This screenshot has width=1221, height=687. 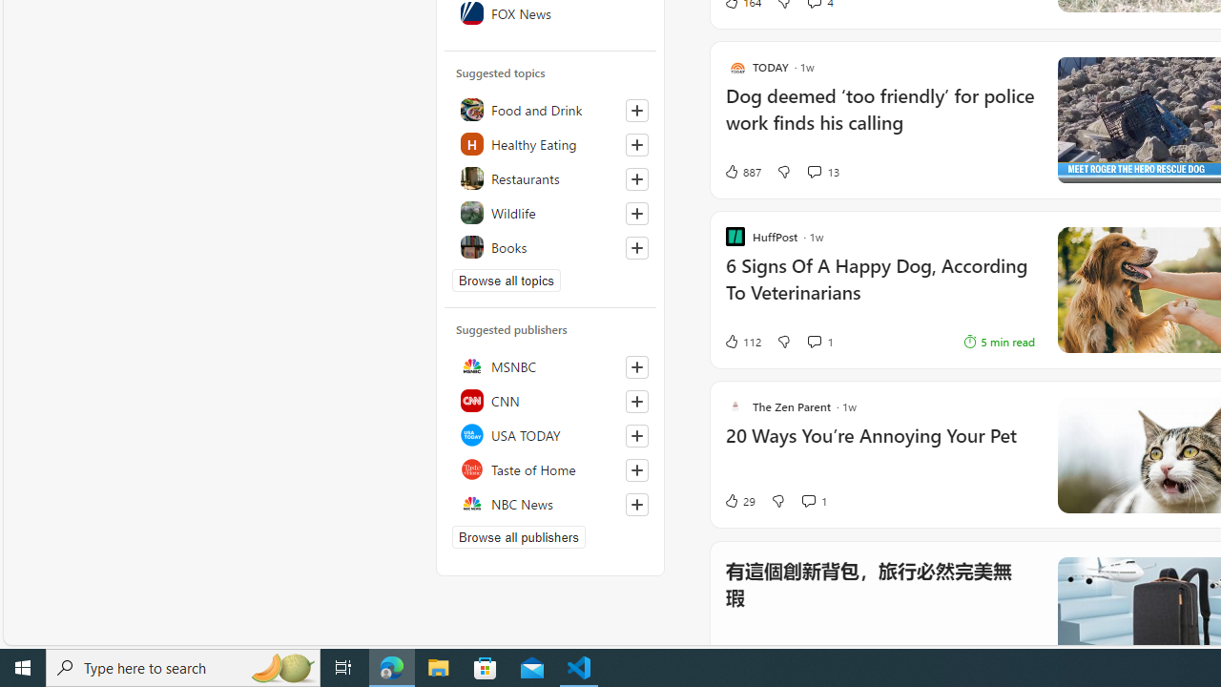 What do you see at coordinates (549, 503) in the screenshot?
I see `'NBC News'` at bounding box center [549, 503].